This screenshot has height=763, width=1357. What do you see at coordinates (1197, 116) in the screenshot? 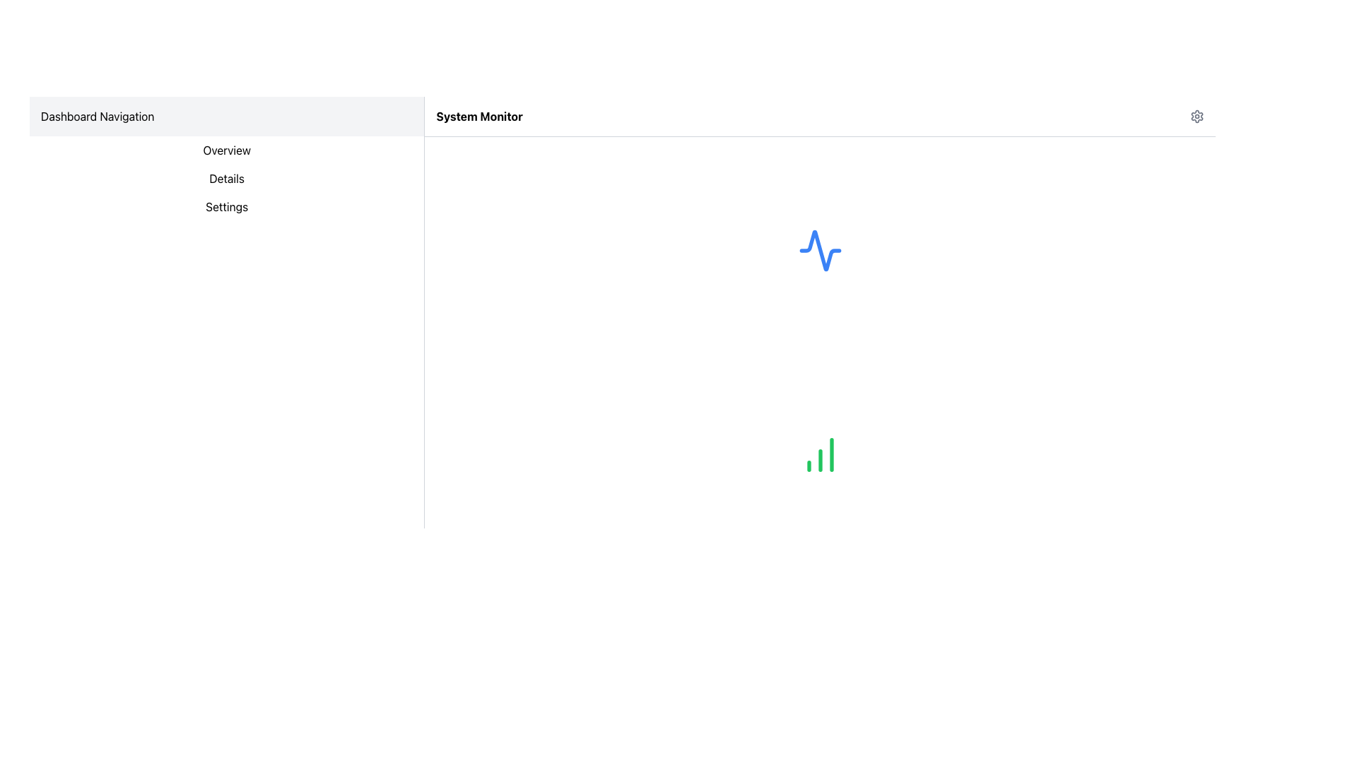
I see `the settings icon located in the top right corner of the interface` at bounding box center [1197, 116].